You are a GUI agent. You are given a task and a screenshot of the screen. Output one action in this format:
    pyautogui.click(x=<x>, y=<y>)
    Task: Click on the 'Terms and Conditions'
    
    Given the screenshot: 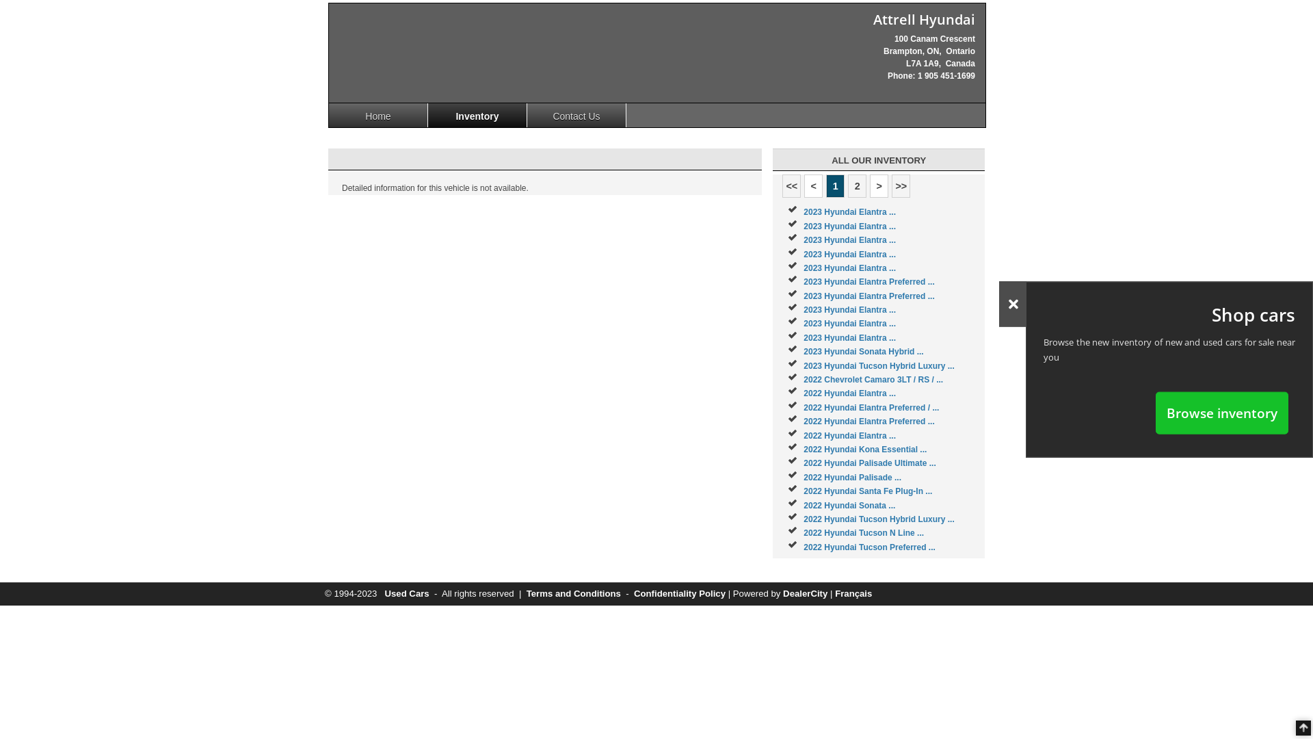 What is the action you would take?
    pyautogui.click(x=574, y=593)
    